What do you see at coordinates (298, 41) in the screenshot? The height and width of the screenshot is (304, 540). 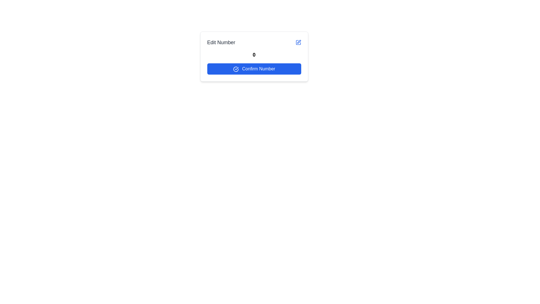 I see `the pen-and-square icon located in the top-right corner of the 'Edit Number' card` at bounding box center [298, 41].